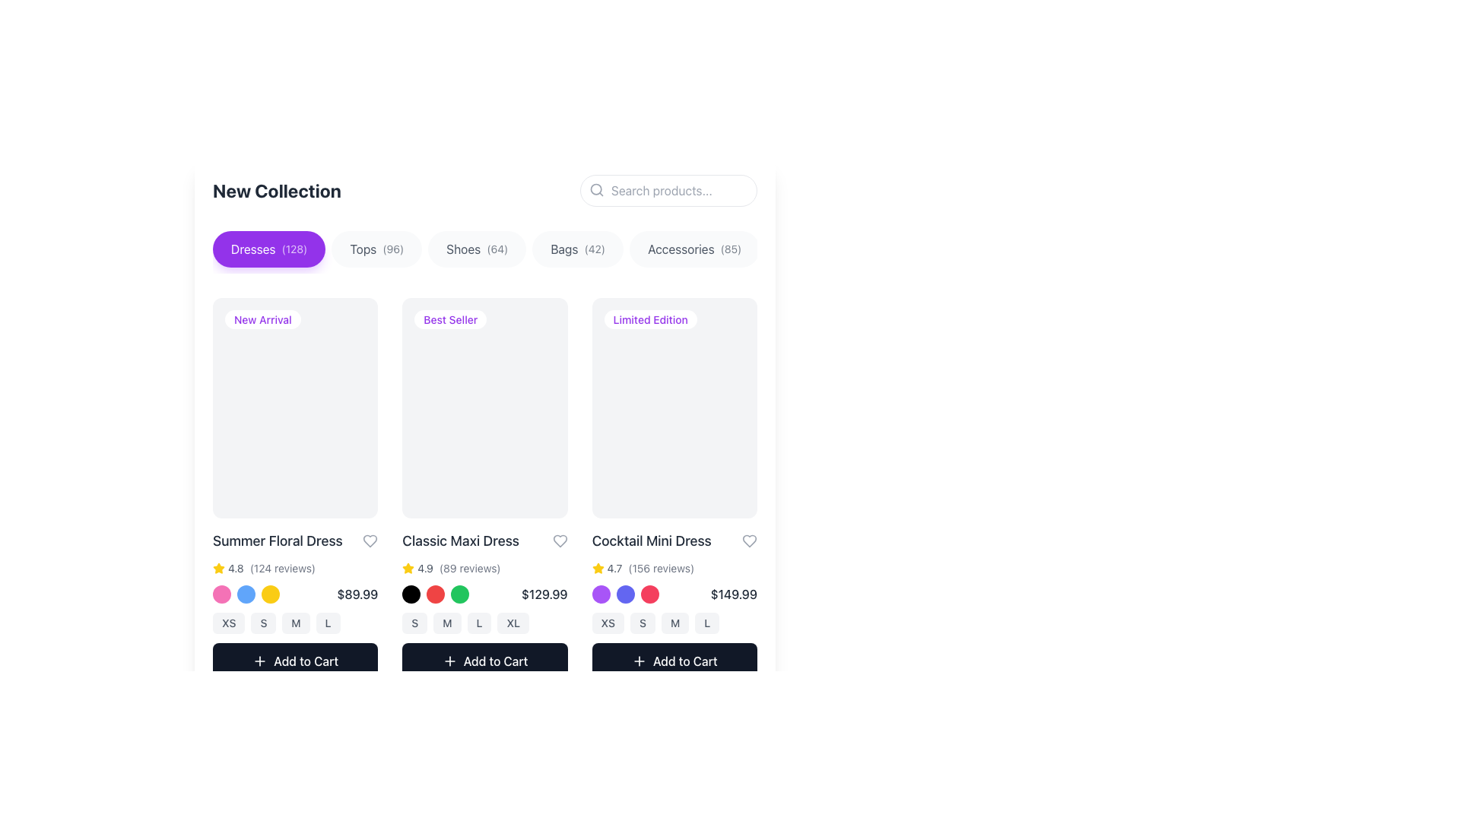  What do you see at coordinates (227, 568) in the screenshot?
I see `the prominent yellow star icon indicating a rating of '4.8' in the top-left part of the card for the 'Summer Floral Dress'` at bounding box center [227, 568].